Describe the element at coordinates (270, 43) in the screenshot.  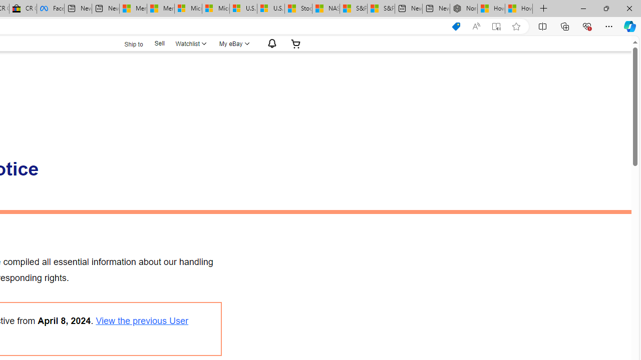
I see `'AutomationID: gh-eb-Alerts'` at that location.